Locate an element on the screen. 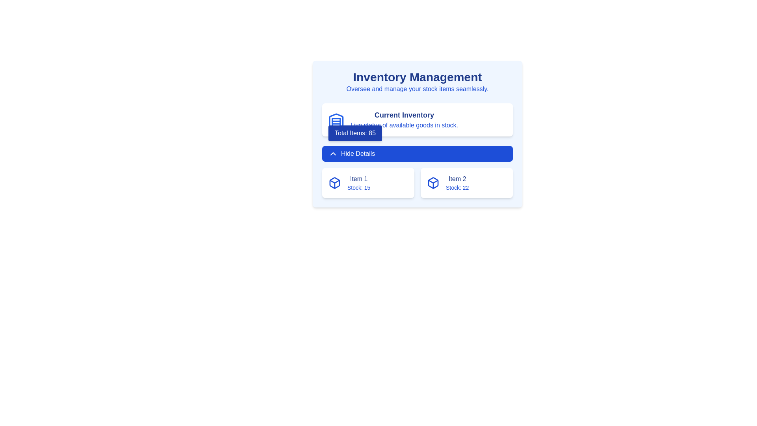 The height and width of the screenshot is (426, 757). the icon located at the leftmost side of the card titled 'Item 1 Stock: 15' to enhance association and identification with the product is located at coordinates (335, 183).